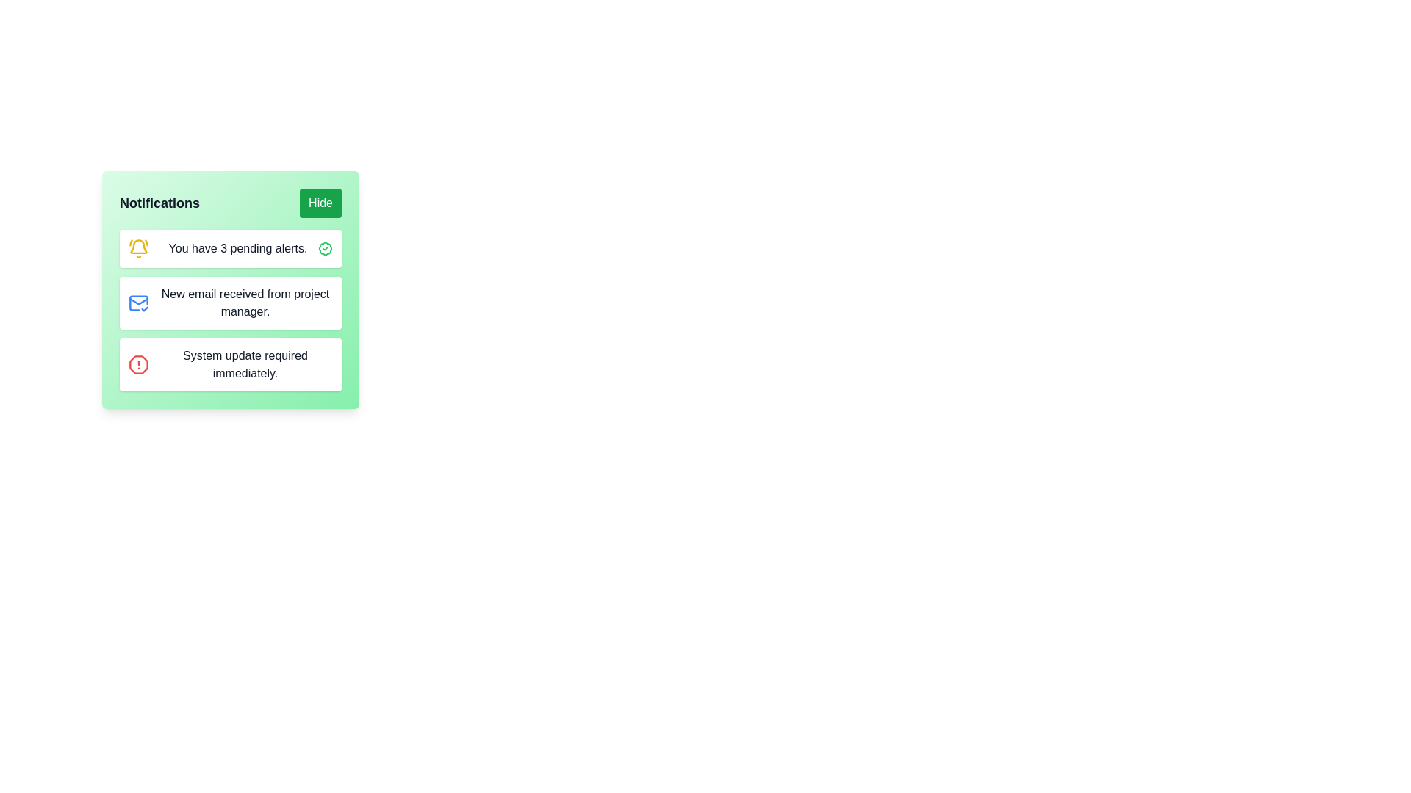 This screenshot has height=793, width=1411. I want to click on text content of the notification entry that indicates a new email received from the project manager, which has a rounded white background and a blue mail icon with a checkmark, so click(229, 302).